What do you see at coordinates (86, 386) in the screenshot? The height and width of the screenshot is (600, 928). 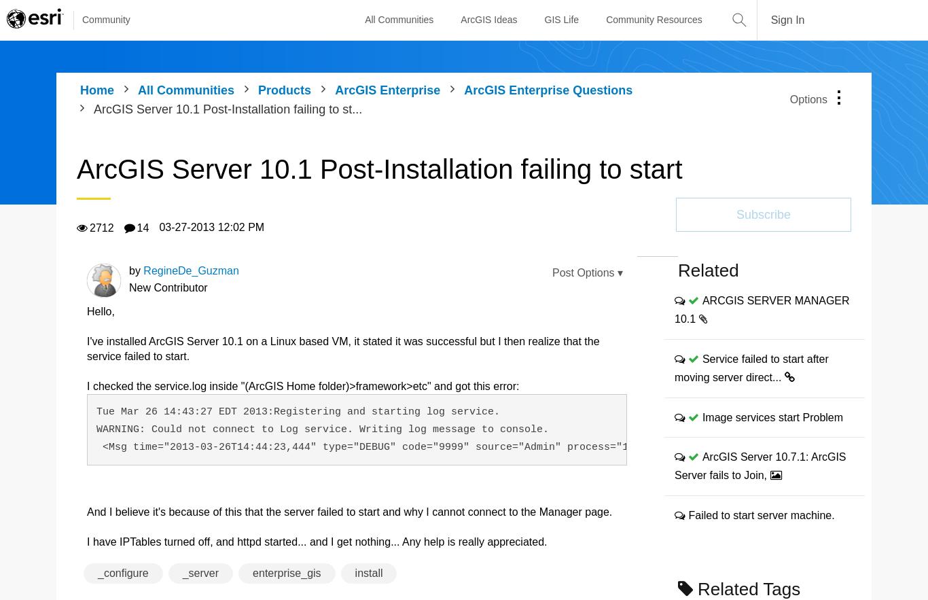 I see `'I checked the service.log inside "(ArcGIS Home folder)>framework>etc" and got this error:'` at bounding box center [86, 386].